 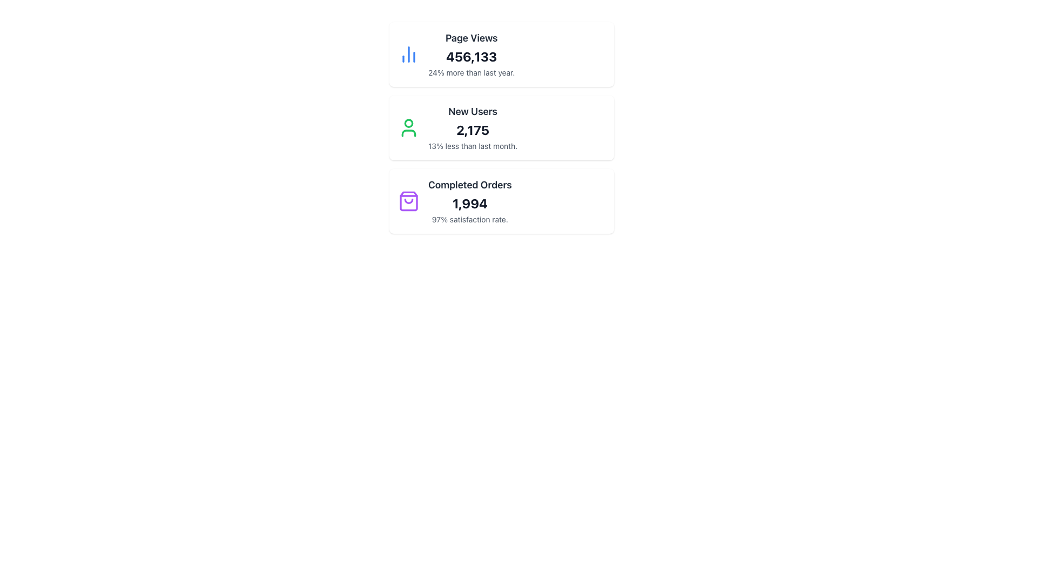 I want to click on the textual element displaying '97% satisfaction rate.' located below the bold '1,994' in the 'Completed Orders' section, so click(x=470, y=219).